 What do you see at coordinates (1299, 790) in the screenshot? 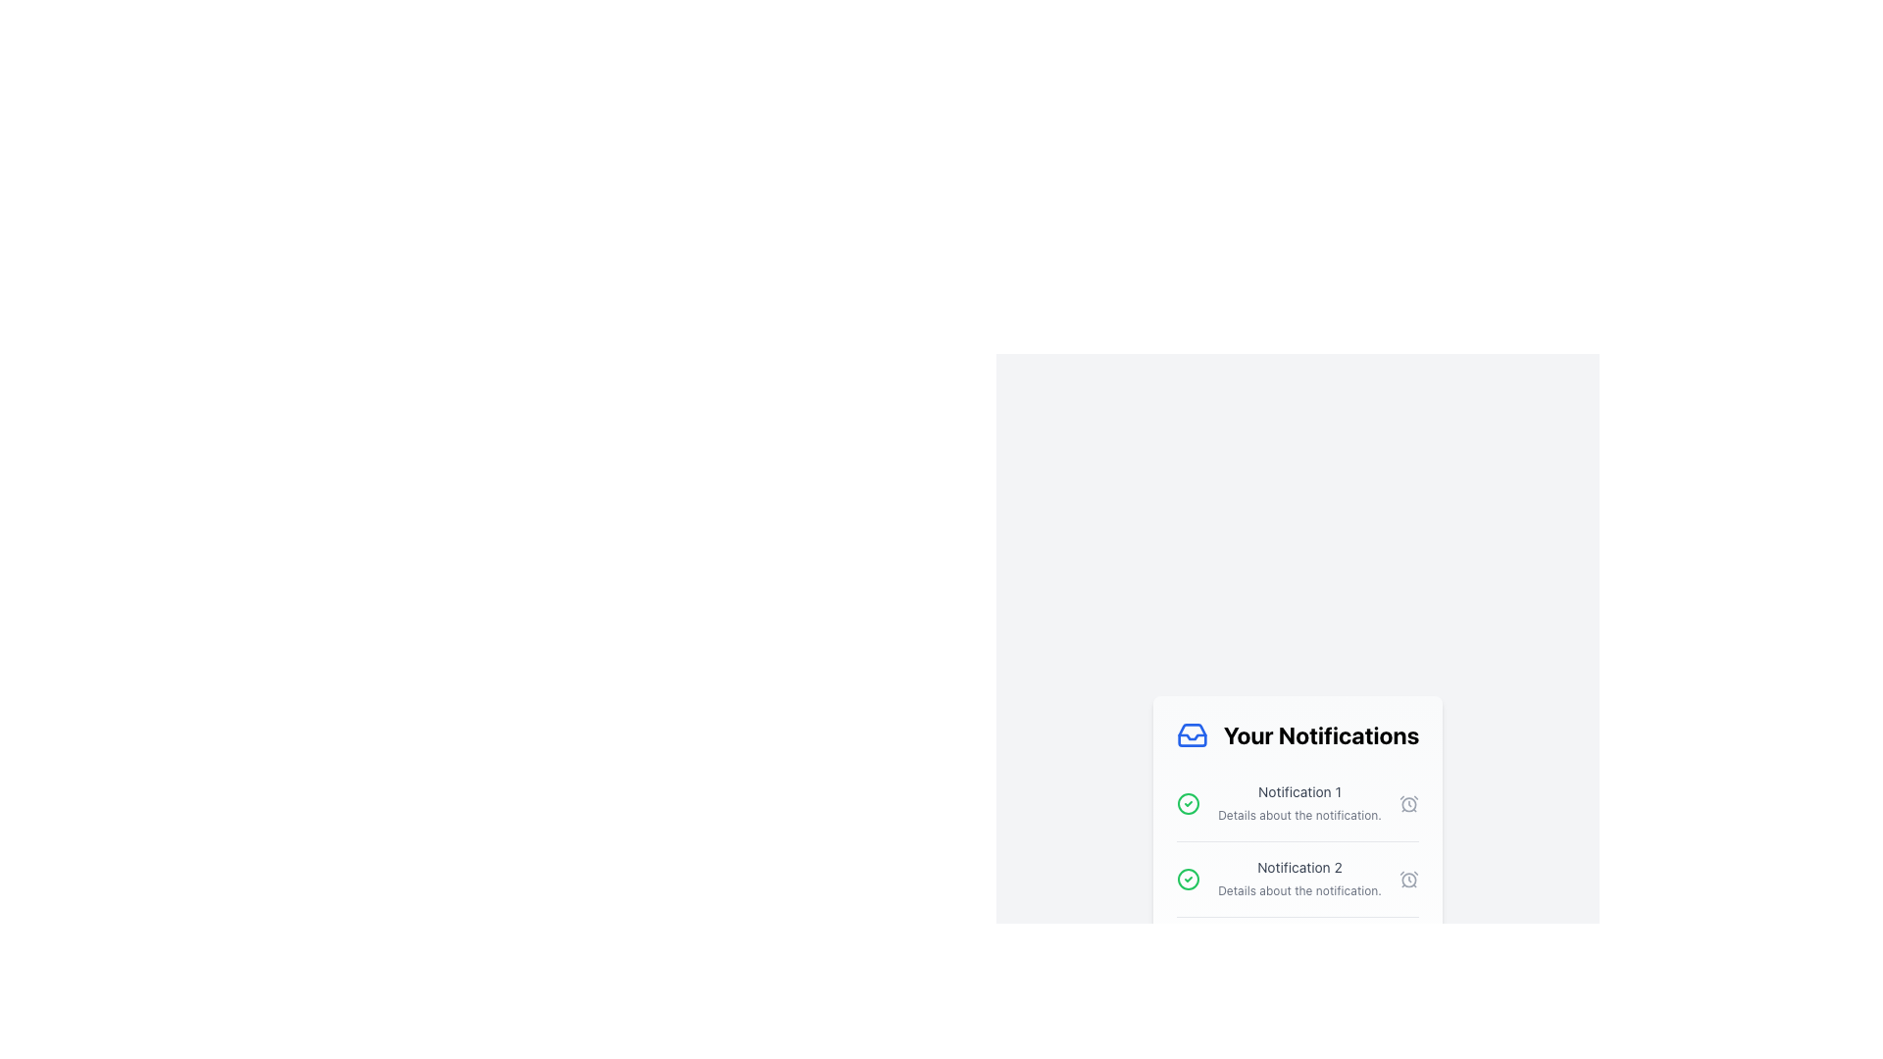
I see `the static text element that reads 'Notification 1', which is styled with a smaller font size and gray color, located in the notifications section above the description text 'Details about the notification'` at bounding box center [1299, 790].